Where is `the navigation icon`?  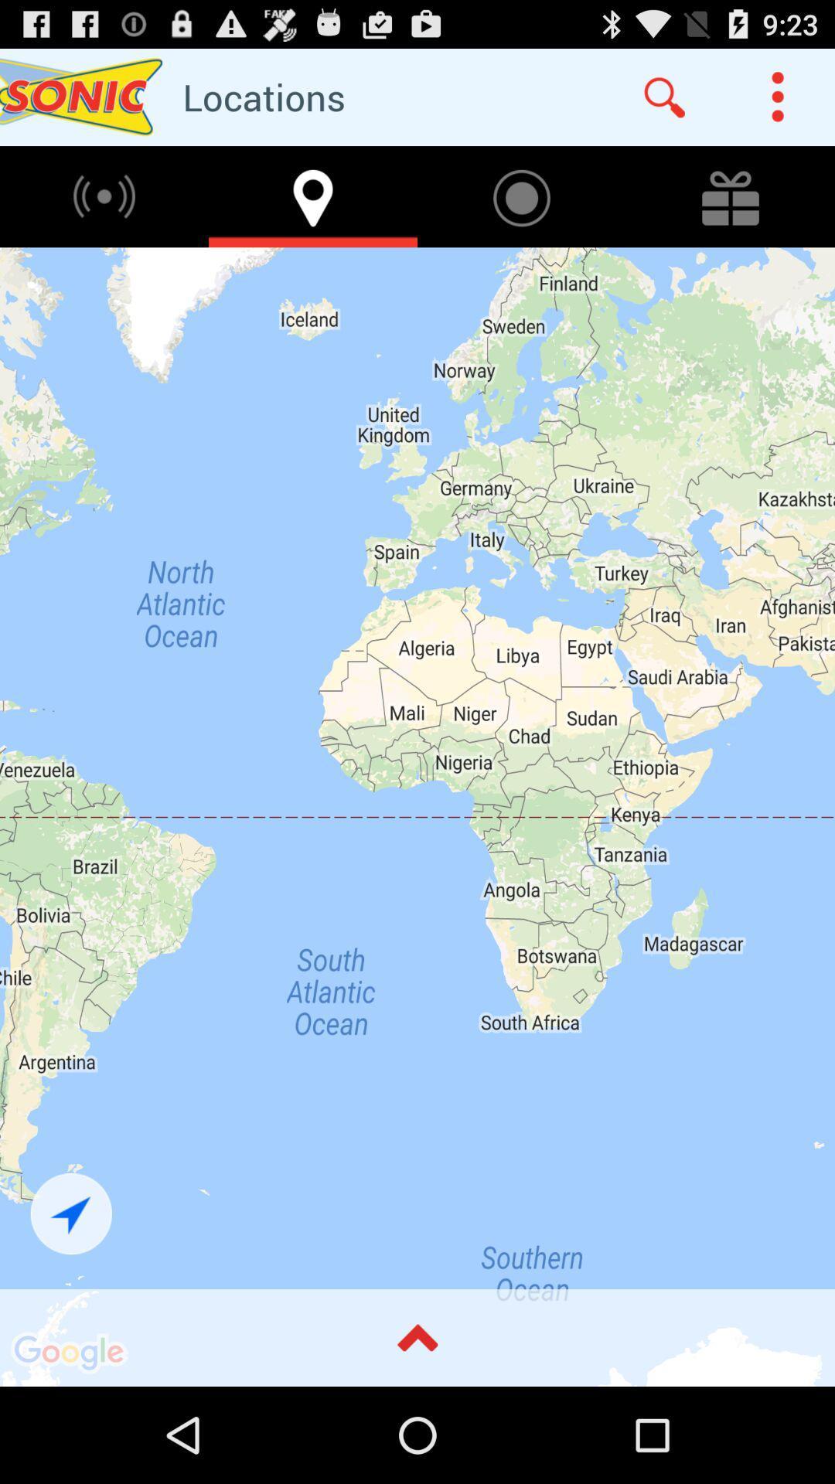
the navigation icon is located at coordinates (71, 1298).